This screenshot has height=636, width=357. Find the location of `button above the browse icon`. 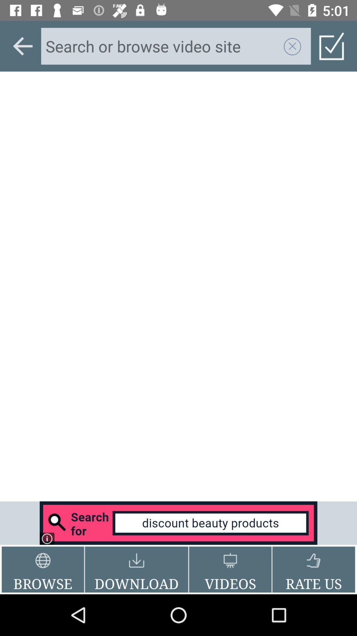

button above the browse icon is located at coordinates (178, 523).